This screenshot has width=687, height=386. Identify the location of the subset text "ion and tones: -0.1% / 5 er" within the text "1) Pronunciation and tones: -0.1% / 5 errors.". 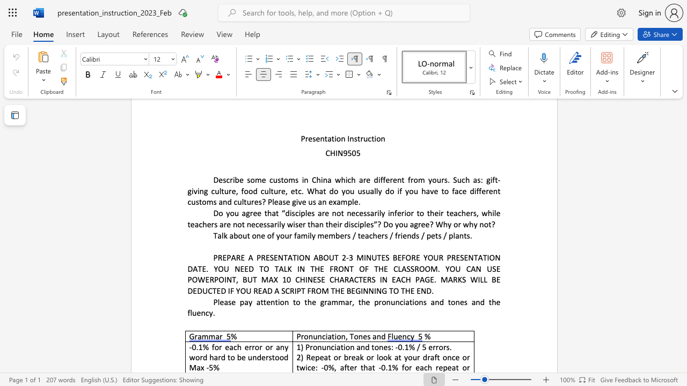
(343, 347).